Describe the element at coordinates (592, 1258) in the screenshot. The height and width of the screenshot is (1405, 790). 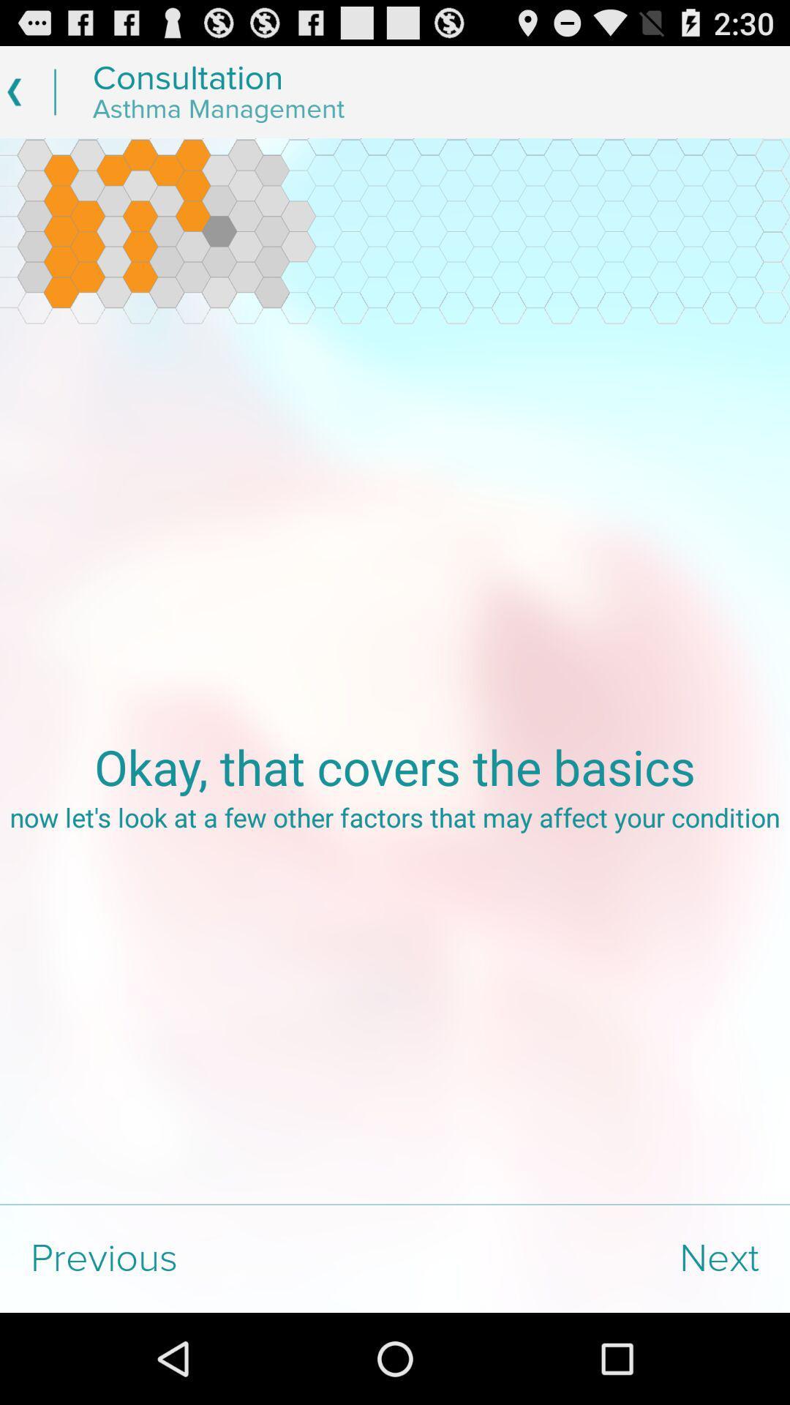
I see `the item to the right of the previous item` at that location.